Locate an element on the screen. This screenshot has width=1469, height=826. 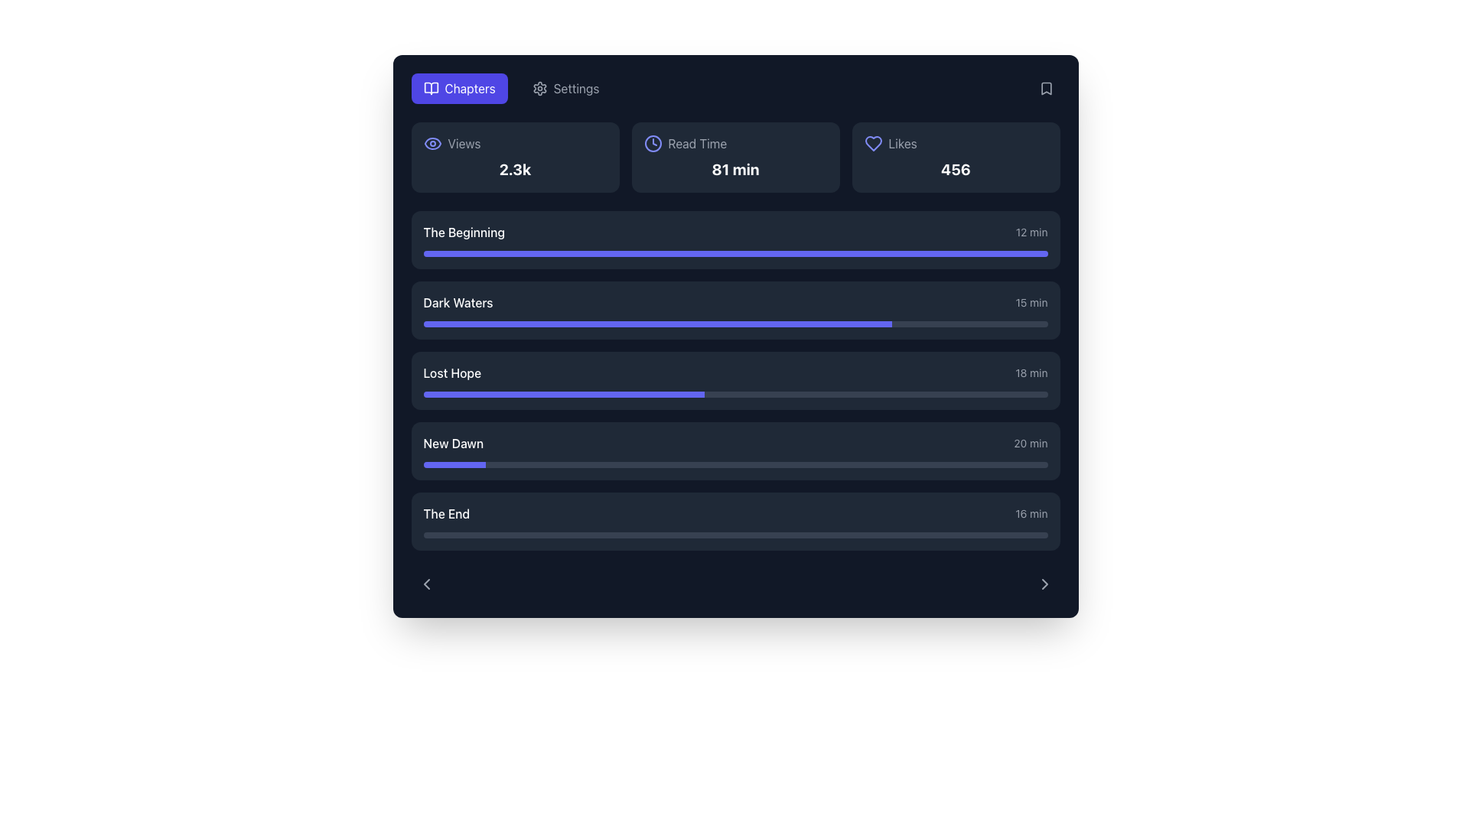
the '81 min' text within the Data display card labeled 'Read Time' is located at coordinates (735, 157).